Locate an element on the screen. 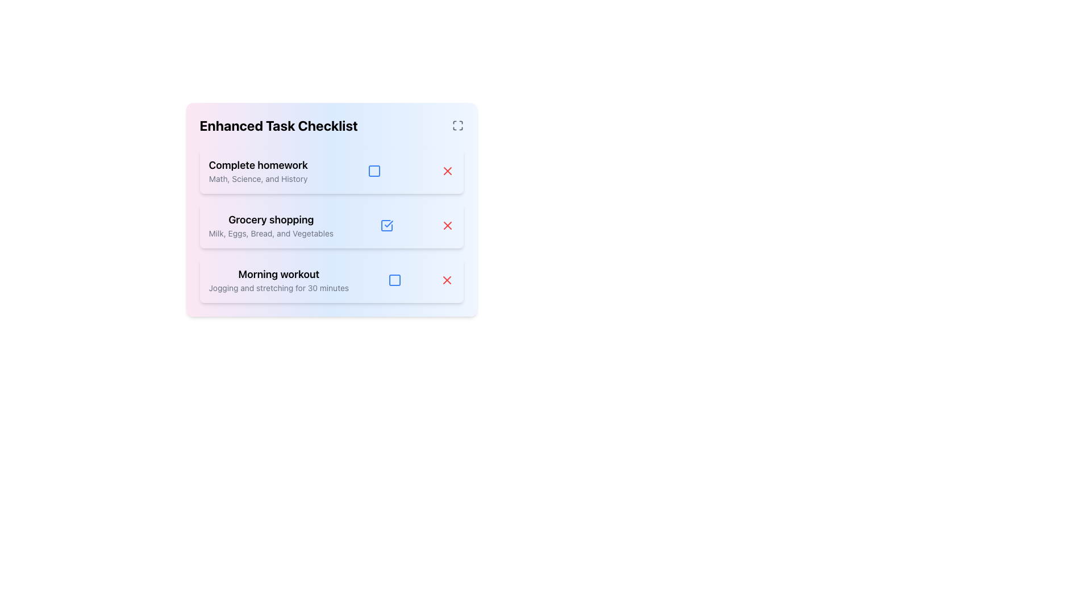 This screenshot has height=614, width=1091. the 'Grocery shopping' checklist item, which is the second item in the 'Enhanced Task Checklist' card is located at coordinates (331, 210).